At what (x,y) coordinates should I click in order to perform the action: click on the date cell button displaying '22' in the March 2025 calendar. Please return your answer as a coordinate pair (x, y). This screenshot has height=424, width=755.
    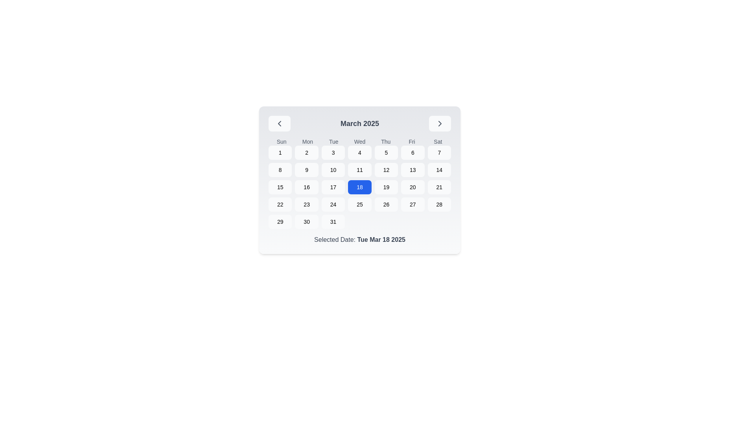
    Looking at the image, I should click on (280, 204).